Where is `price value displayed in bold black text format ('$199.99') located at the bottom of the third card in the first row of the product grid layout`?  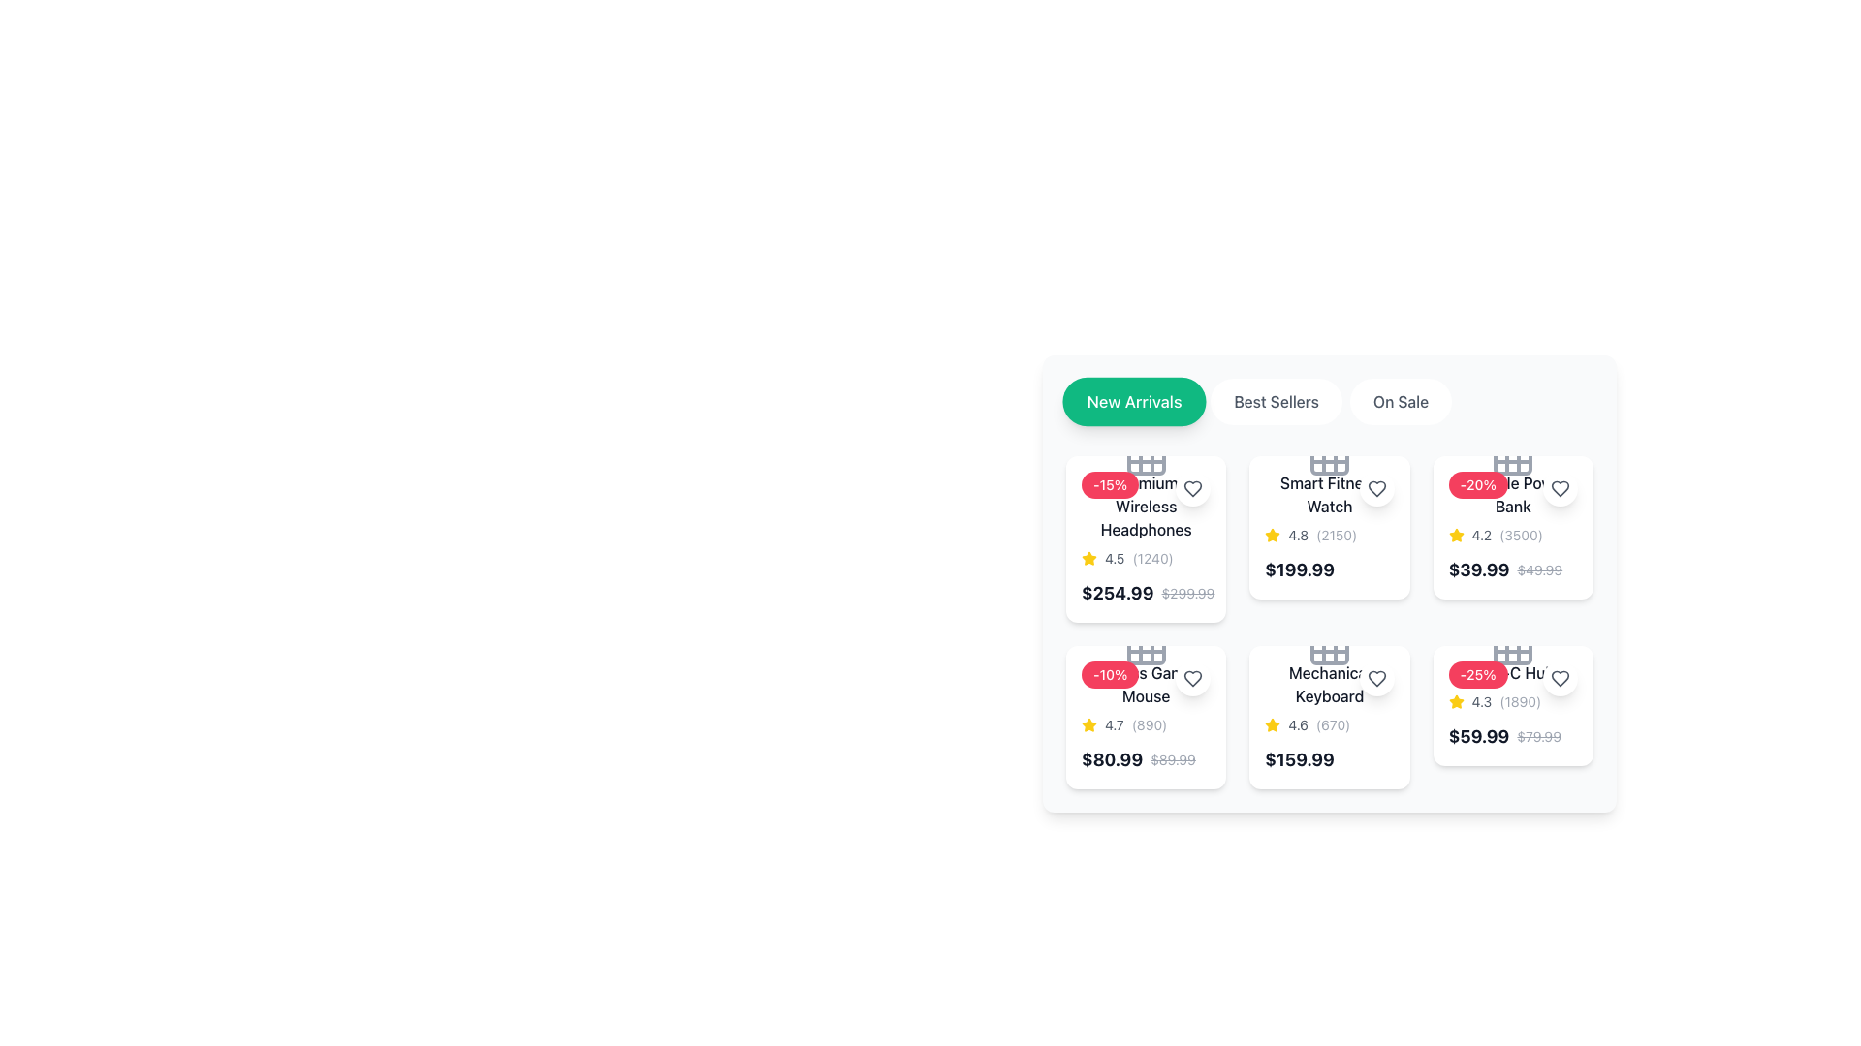
price value displayed in bold black text format ('$199.99') located at the bottom of the third card in the first row of the product grid layout is located at coordinates (1329, 569).